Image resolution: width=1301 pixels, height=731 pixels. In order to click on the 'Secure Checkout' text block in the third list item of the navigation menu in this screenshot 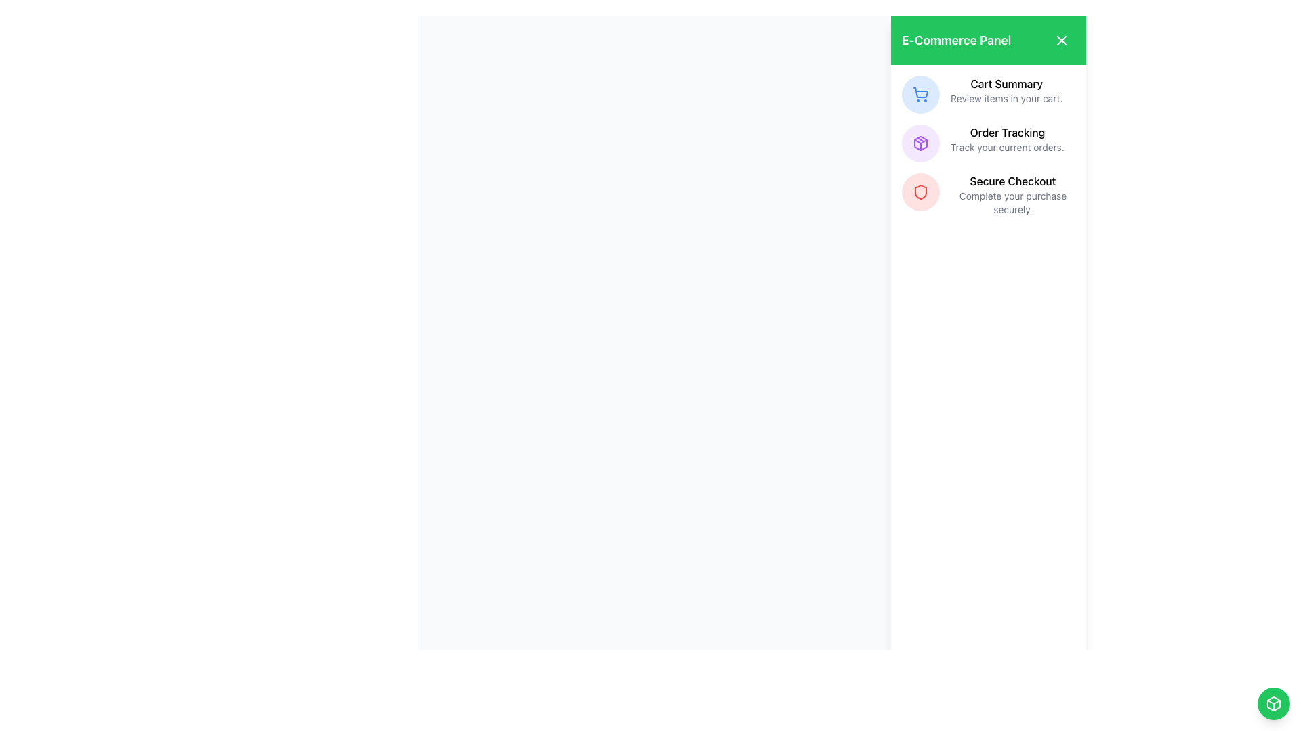, I will do `click(989, 195)`.